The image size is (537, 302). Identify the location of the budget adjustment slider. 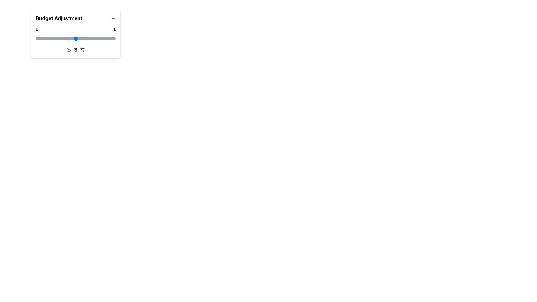
(105, 38).